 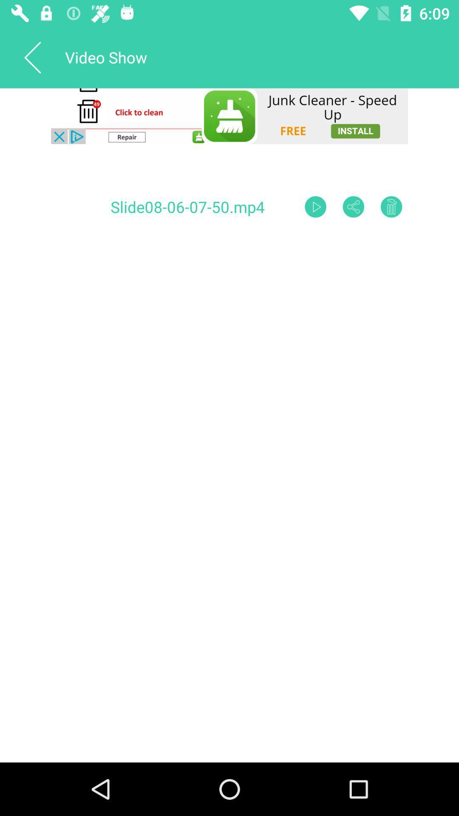 I want to click on back arrow option, so click(x=32, y=57).